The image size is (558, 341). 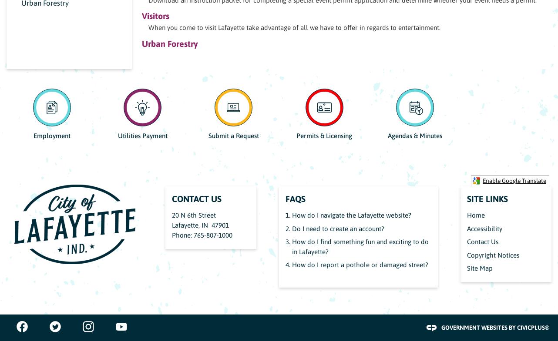 I want to click on 'How do I navigate the Lafayette website?', so click(x=351, y=215).